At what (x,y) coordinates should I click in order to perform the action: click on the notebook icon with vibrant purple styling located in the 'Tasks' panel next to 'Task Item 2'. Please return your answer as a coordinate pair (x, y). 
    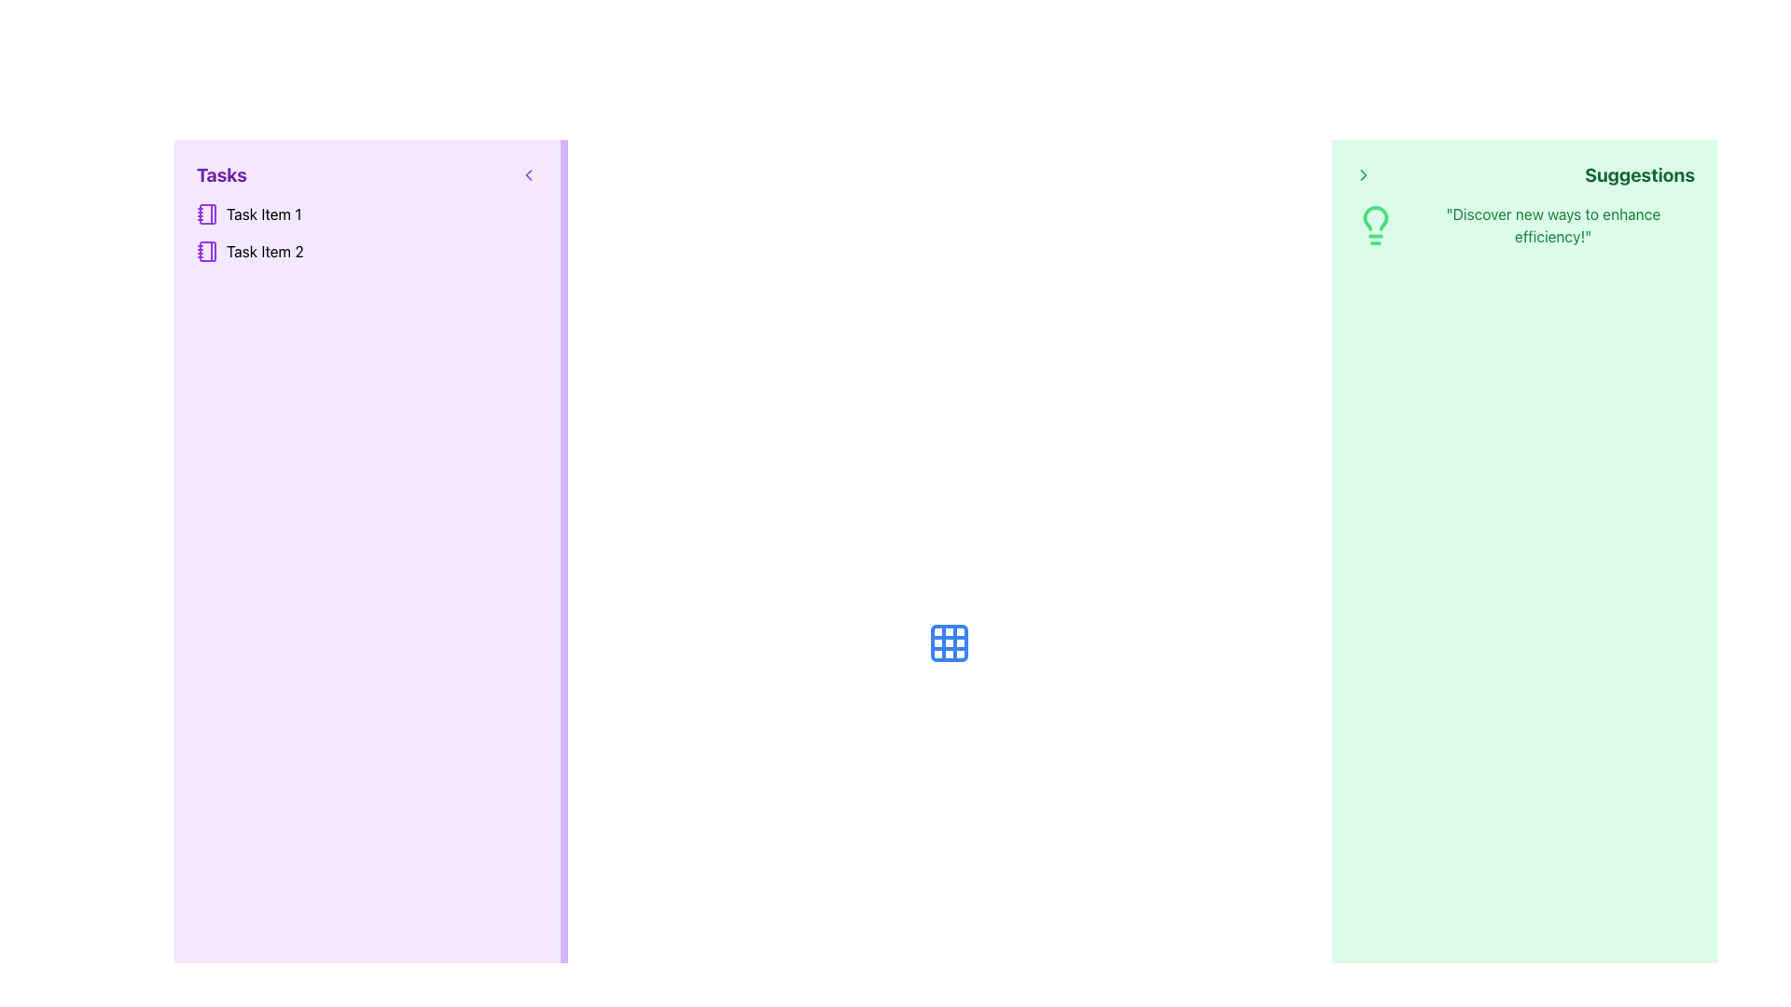
    Looking at the image, I should click on (207, 252).